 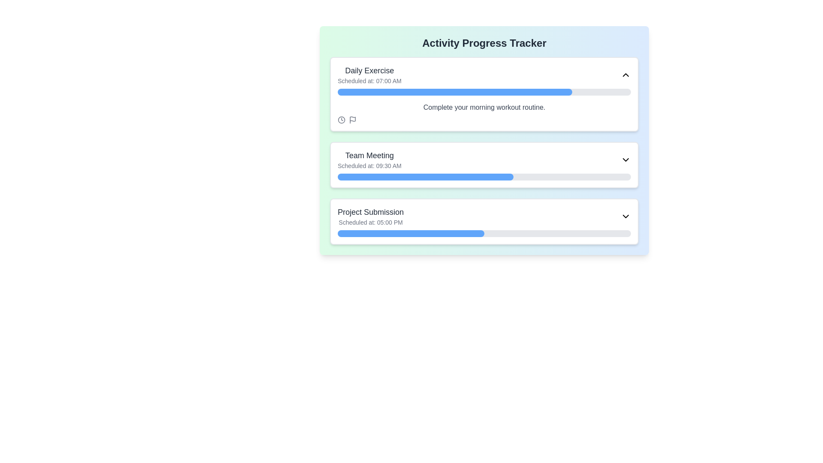 I want to click on the blue section of the horizontal progress bar located in the second task card titled 'Team Meeting' scheduled at 09:30 AM, so click(x=484, y=176).